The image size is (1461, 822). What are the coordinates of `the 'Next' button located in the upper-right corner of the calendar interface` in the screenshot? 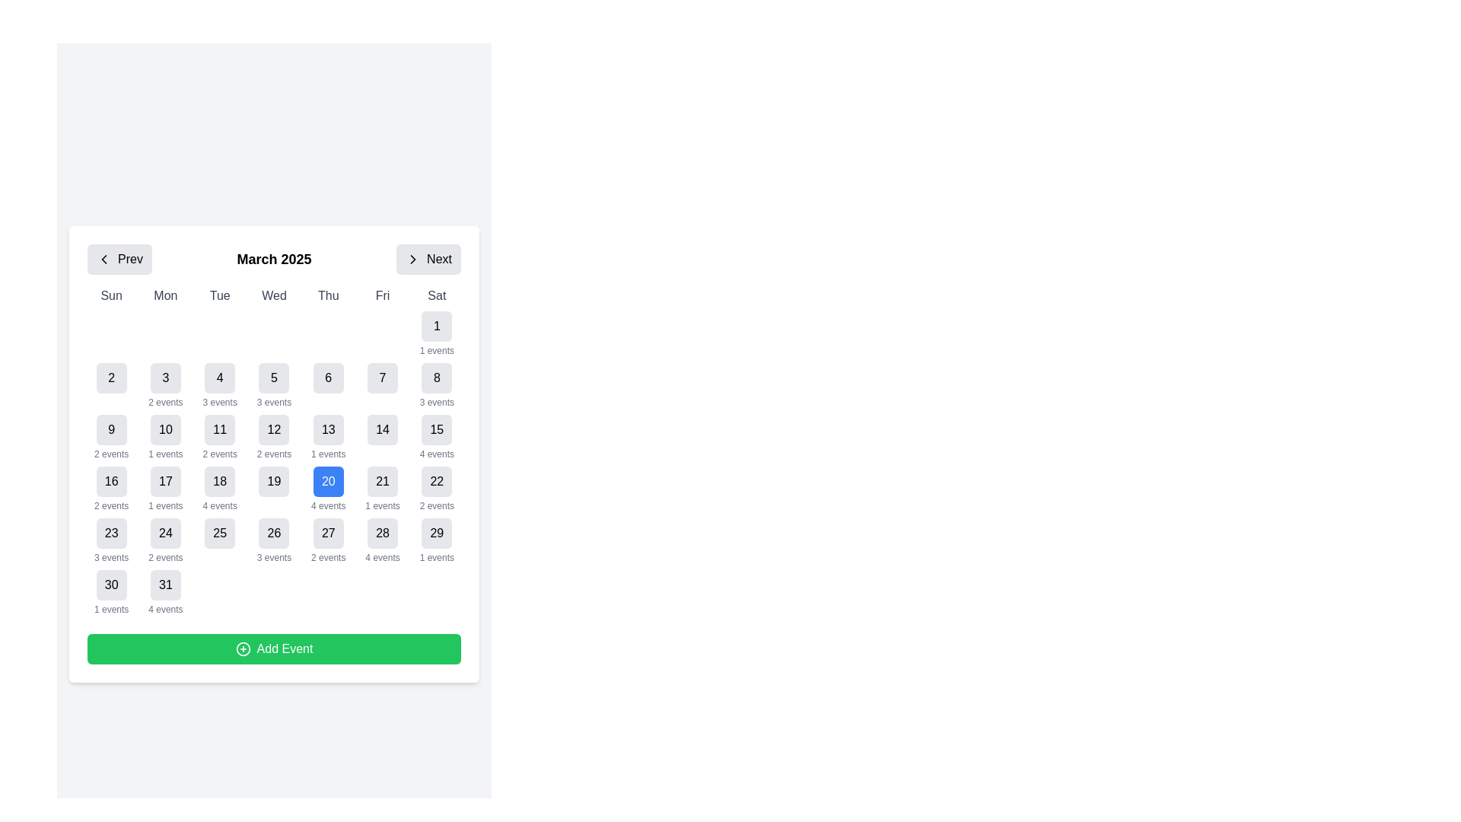 It's located at (428, 258).